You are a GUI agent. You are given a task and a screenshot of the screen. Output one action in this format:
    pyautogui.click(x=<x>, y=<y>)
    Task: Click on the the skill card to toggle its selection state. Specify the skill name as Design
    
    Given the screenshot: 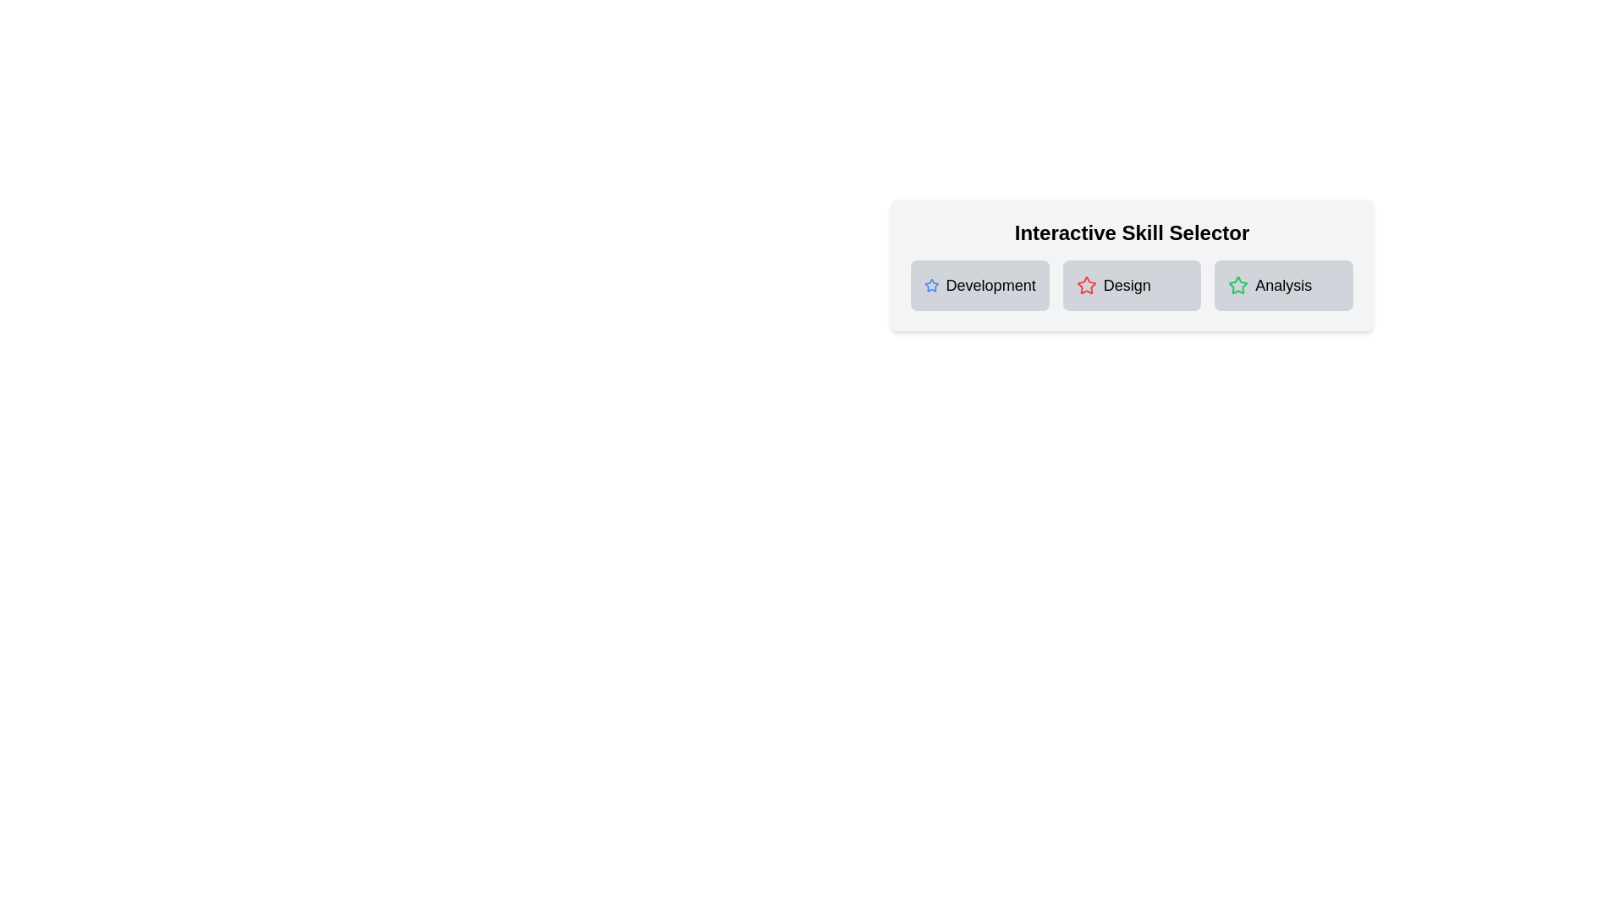 What is the action you would take?
    pyautogui.click(x=1132, y=285)
    